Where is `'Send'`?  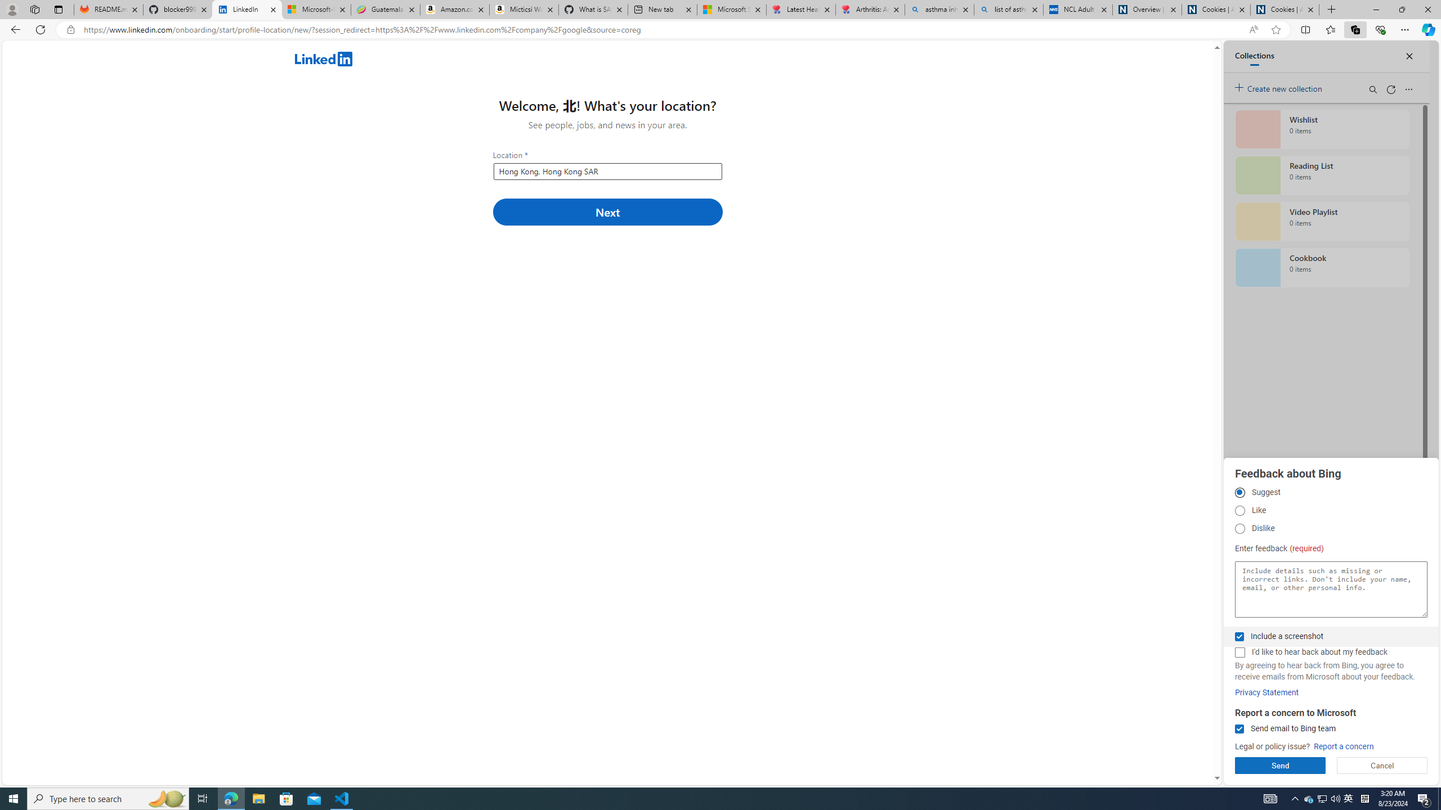
'Send' is located at coordinates (1280, 765).